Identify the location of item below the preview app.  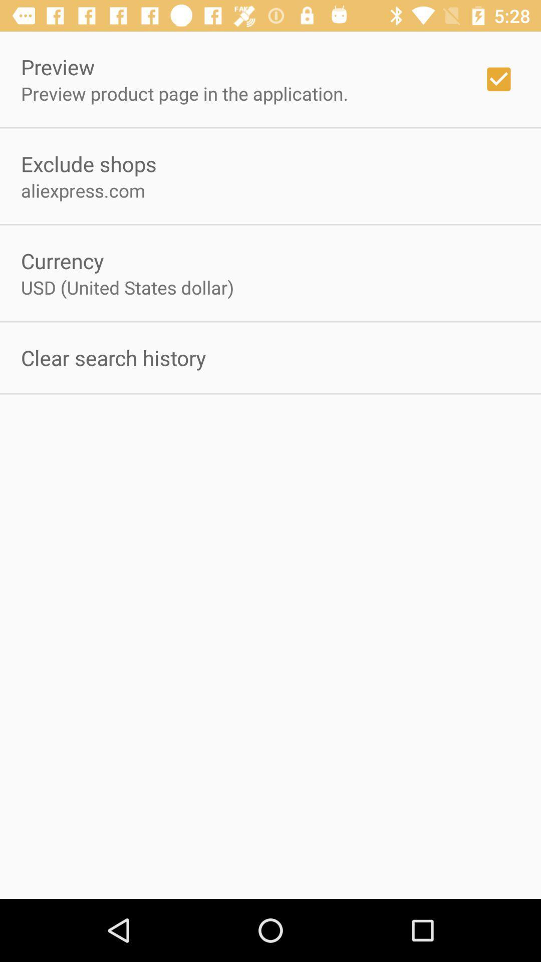
(184, 93).